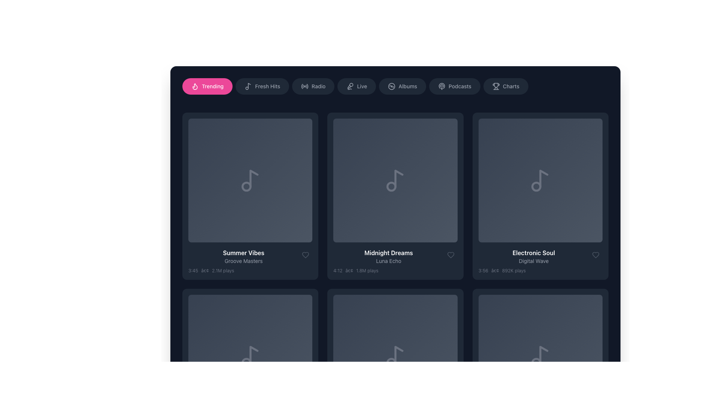 This screenshot has height=404, width=719. What do you see at coordinates (395, 89) in the screenshot?
I see `the 'Albums' button, which is a rounded rectangular button with a dark gray background and lighter gray text, located in the horizontal menu bar near the top of the interface as the fifth button from the left` at bounding box center [395, 89].